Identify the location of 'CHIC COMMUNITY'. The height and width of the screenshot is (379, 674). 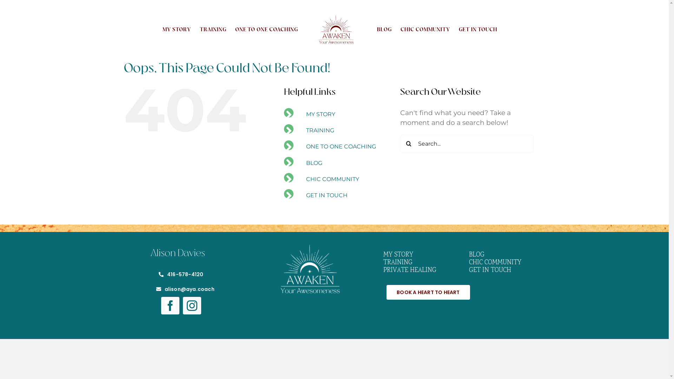
(469, 262).